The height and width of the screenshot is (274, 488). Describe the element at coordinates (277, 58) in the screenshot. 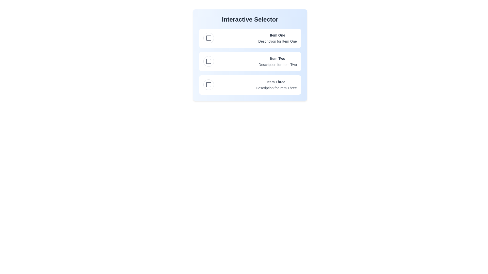

I see `the Text label that identifies the second entry in the list, positioned in the middle row and adjacent to a circular checkbox on the left` at that location.